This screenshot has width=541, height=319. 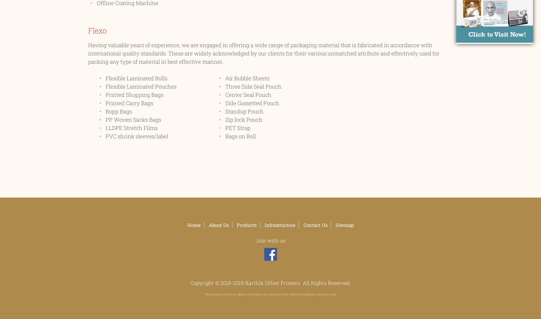 I want to click on 'Flexible Laminated Pouches', so click(x=141, y=86).